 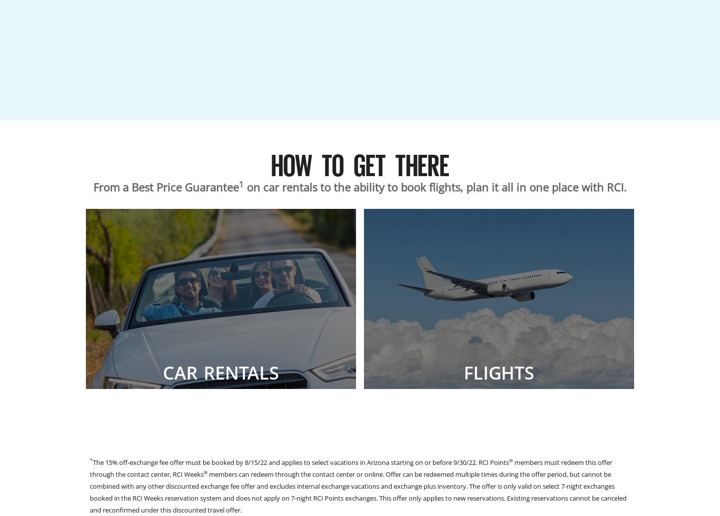 What do you see at coordinates (92, 462) in the screenshot?
I see `'The 15% off-exchange fee offer must be booked by 8/15/22 and applies to select vacations in Arizona starting on or before 9/30/22. RCI Points'` at bounding box center [92, 462].